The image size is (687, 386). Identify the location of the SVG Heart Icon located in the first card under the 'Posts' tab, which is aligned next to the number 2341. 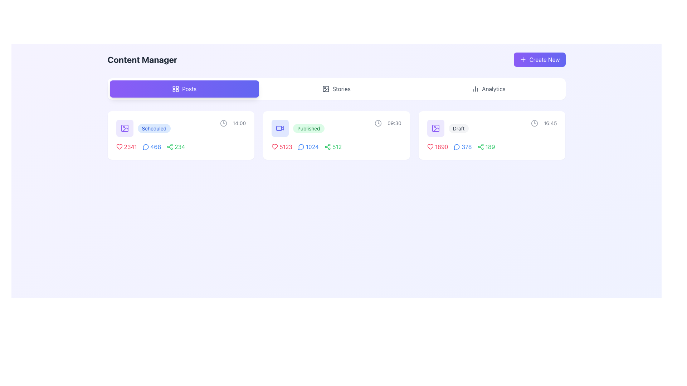
(119, 147).